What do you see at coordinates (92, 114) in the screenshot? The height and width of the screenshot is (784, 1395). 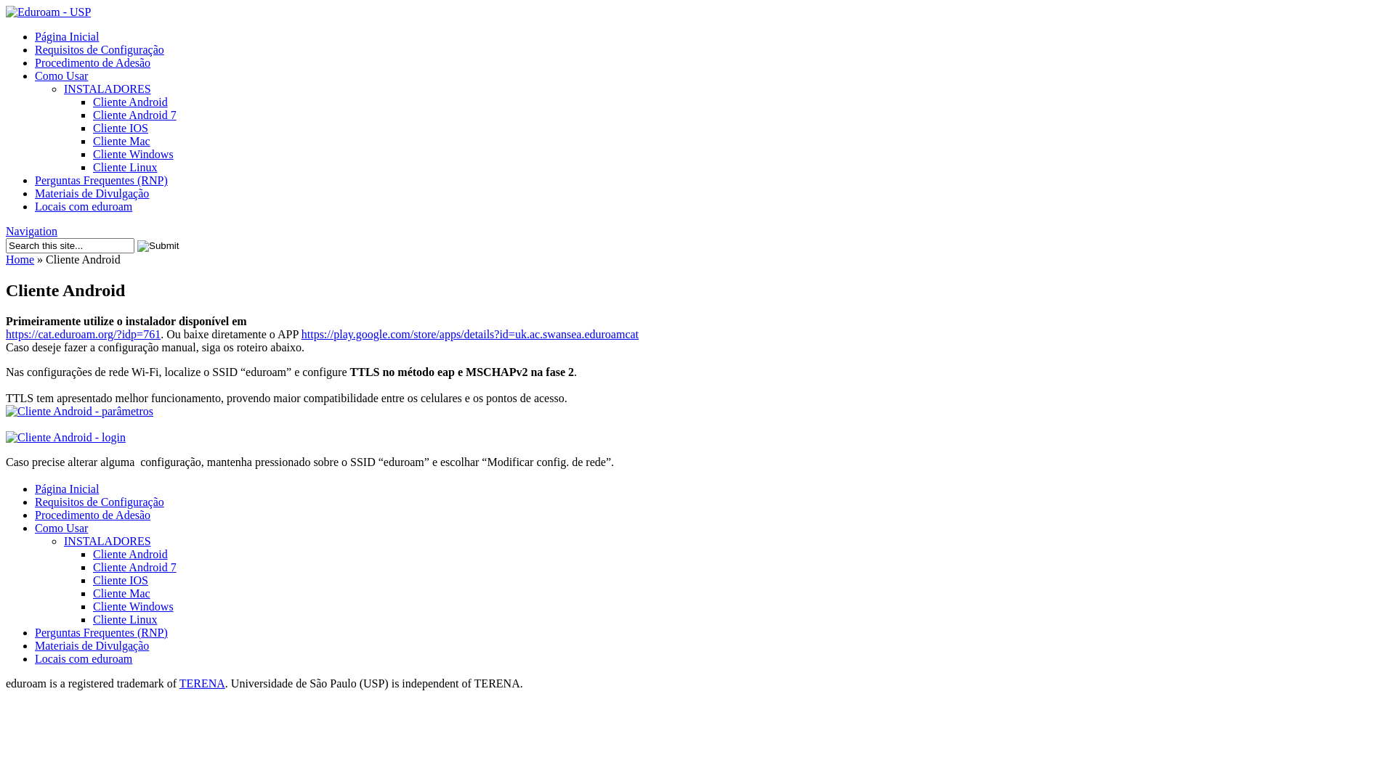 I see `'Cliente Android 7'` at bounding box center [92, 114].